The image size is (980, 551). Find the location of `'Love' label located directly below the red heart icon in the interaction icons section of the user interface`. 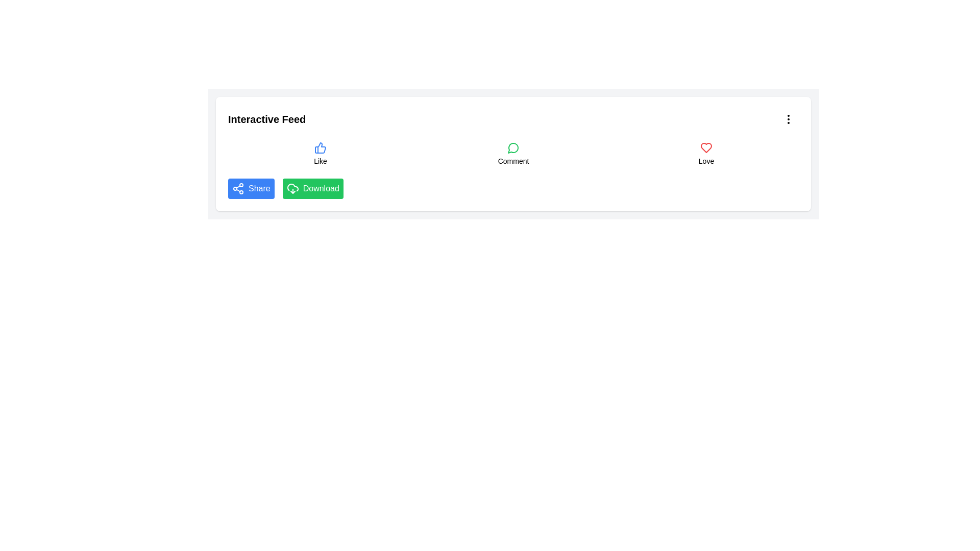

'Love' label located directly below the red heart icon in the interaction icons section of the user interface is located at coordinates (705, 161).